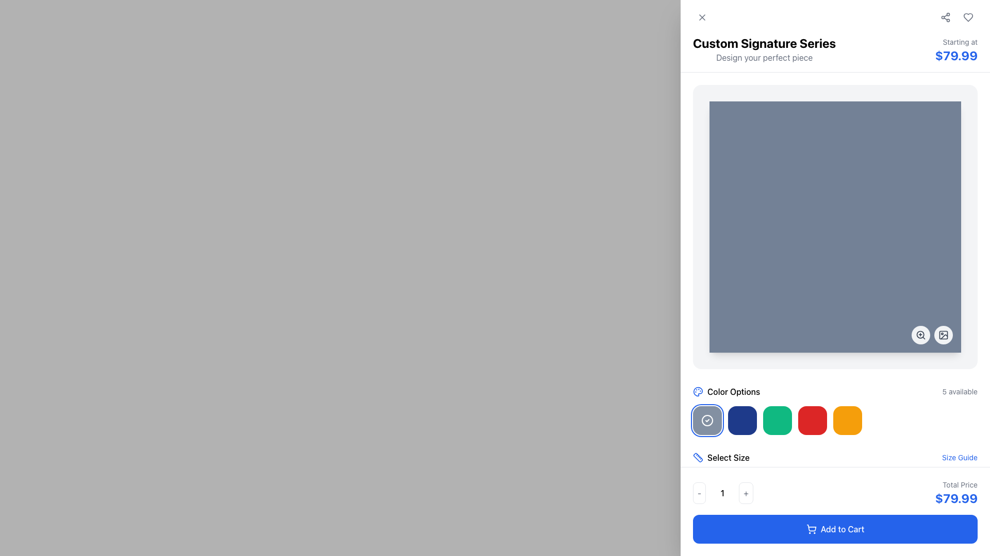  Describe the element at coordinates (847, 425) in the screenshot. I see `the text content of the 'Amber Gold' label in the bottom portion of the fifth color option's text overlay` at that location.